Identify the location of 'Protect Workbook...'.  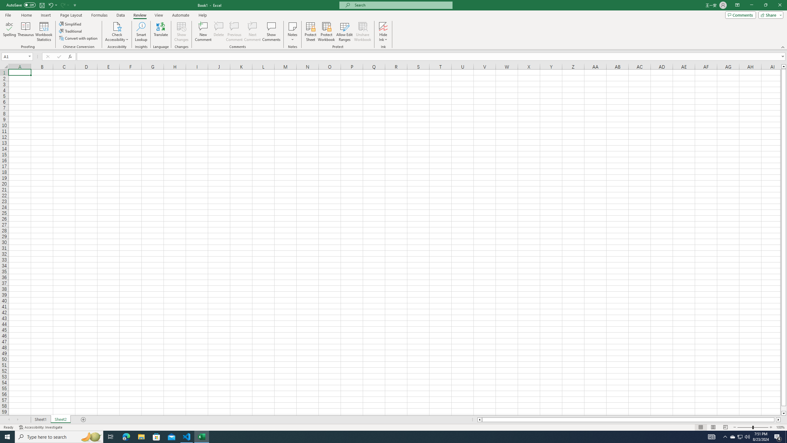
(326, 32).